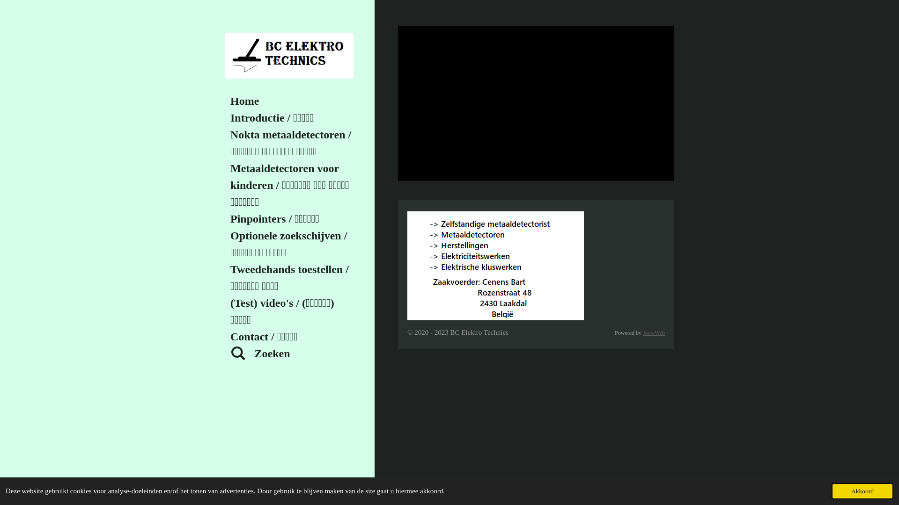  Describe the element at coordinates (288, 56) in the screenshot. I see `'BC Elektro Technics'` at that location.